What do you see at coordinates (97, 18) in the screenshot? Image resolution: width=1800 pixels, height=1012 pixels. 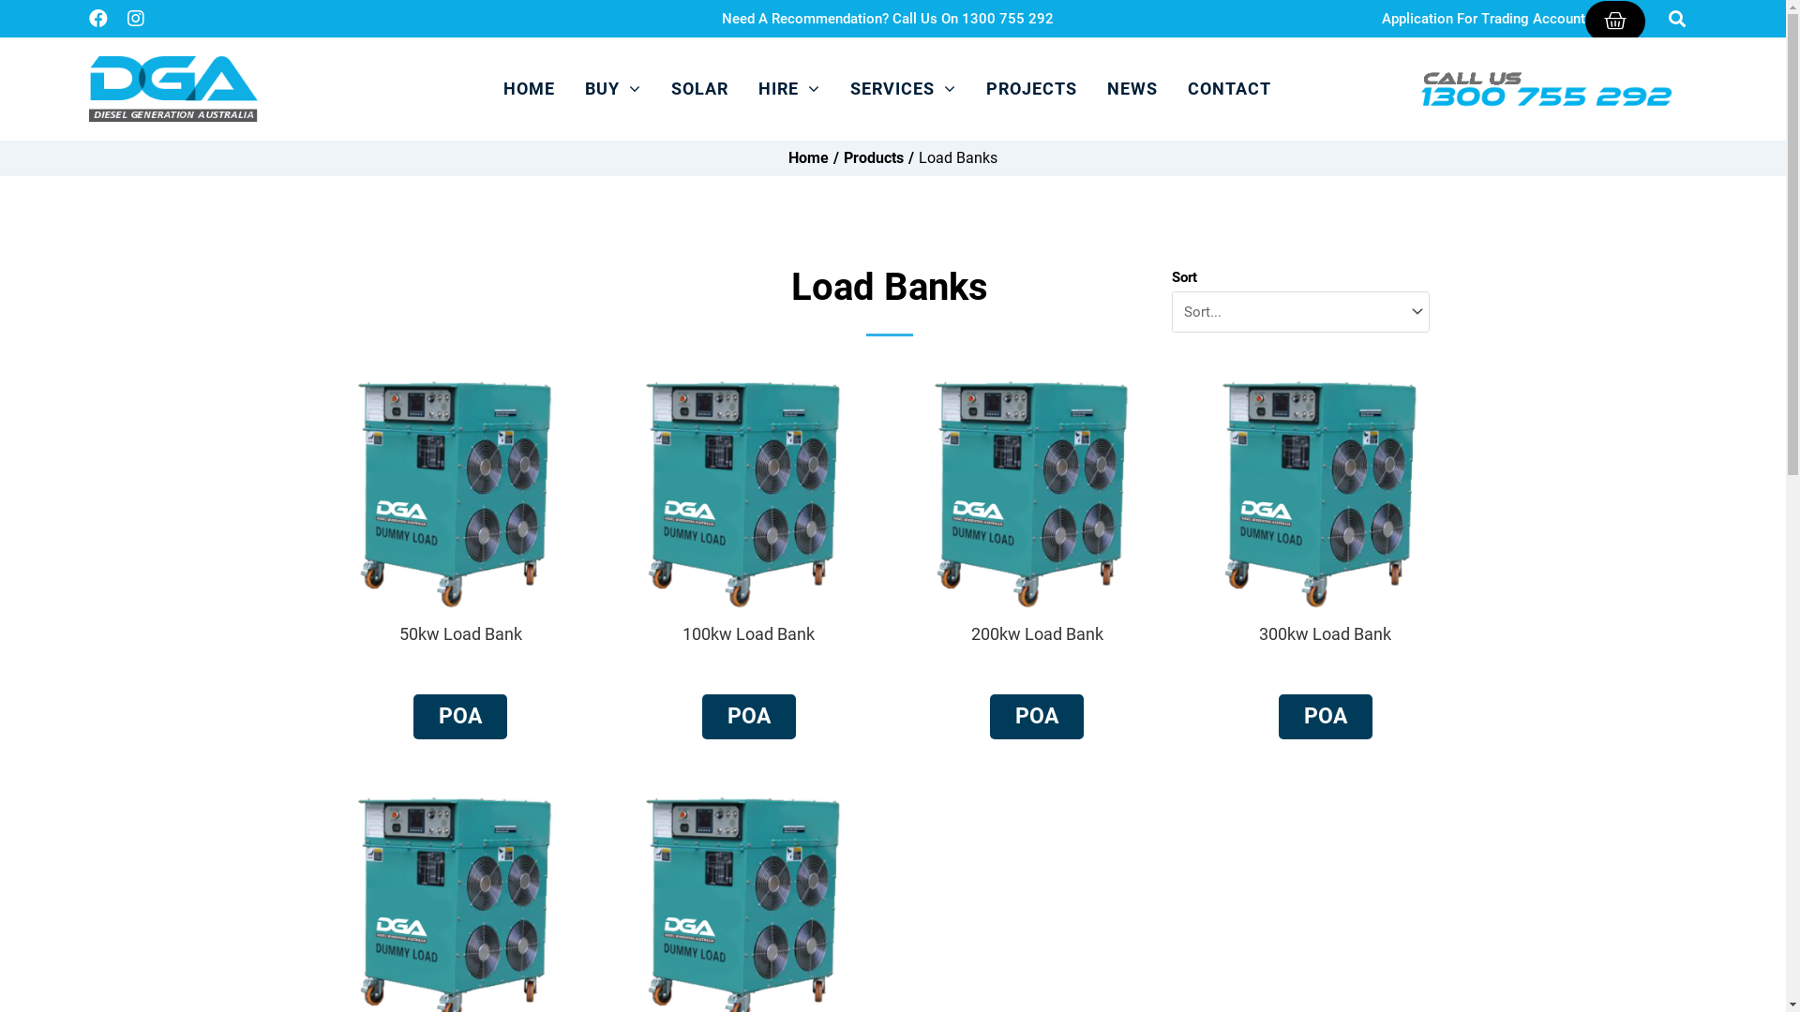 I see `'Facebook'` at bounding box center [97, 18].